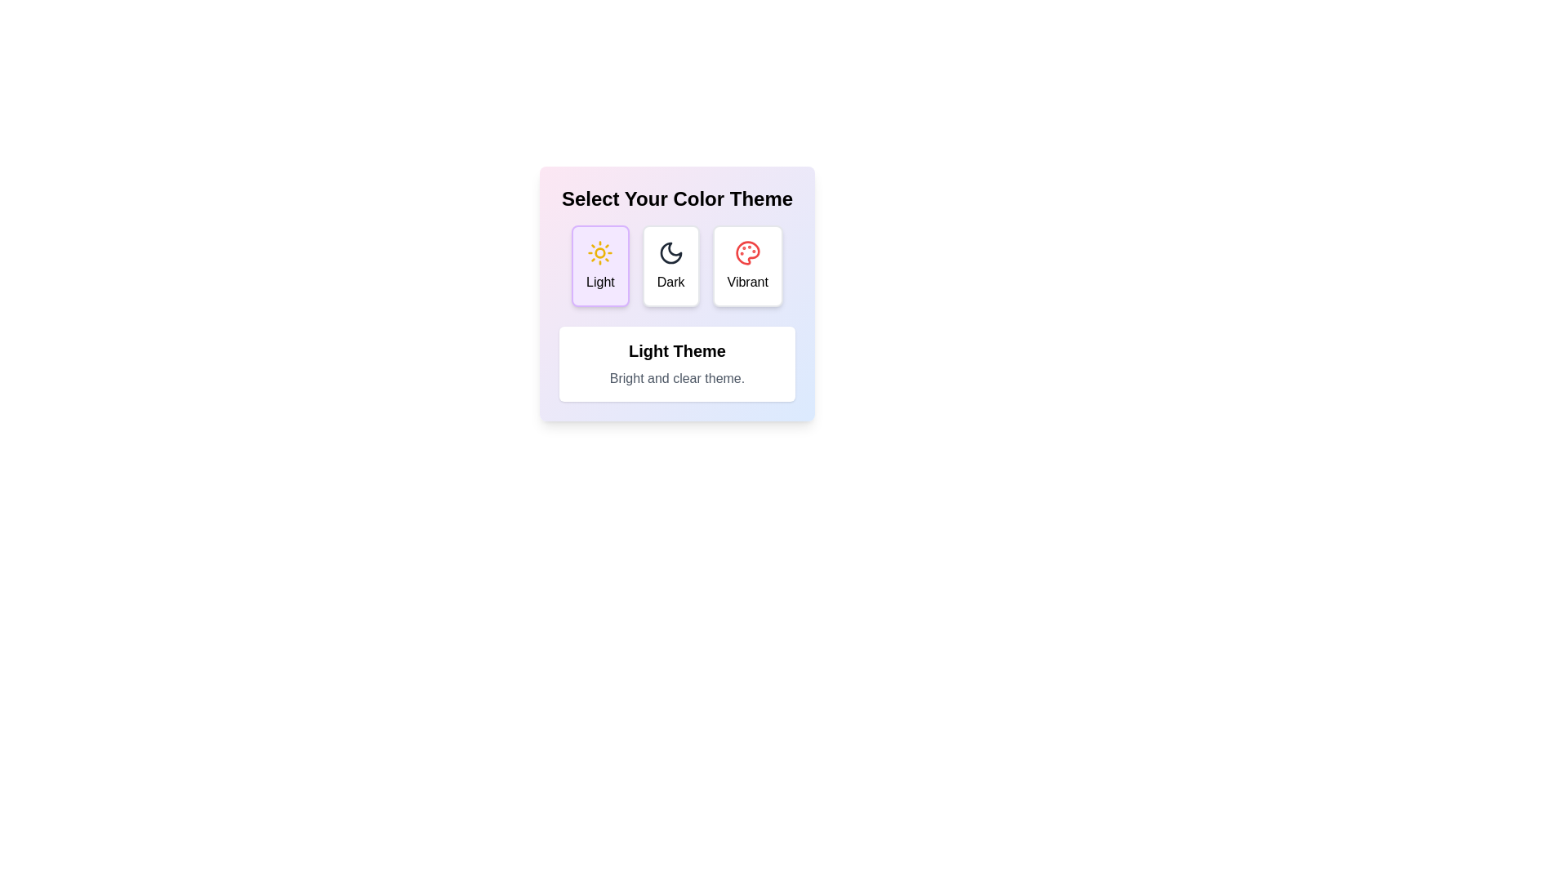 This screenshot has height=882, width=1568. Describe the element at coordinates (677, 198) in the screenshot. I see `the text heading that reads 'Select Your Color Theme', which is displayed in a bold and large font at the top of a rounded and gradient-filled card layout` at that location.